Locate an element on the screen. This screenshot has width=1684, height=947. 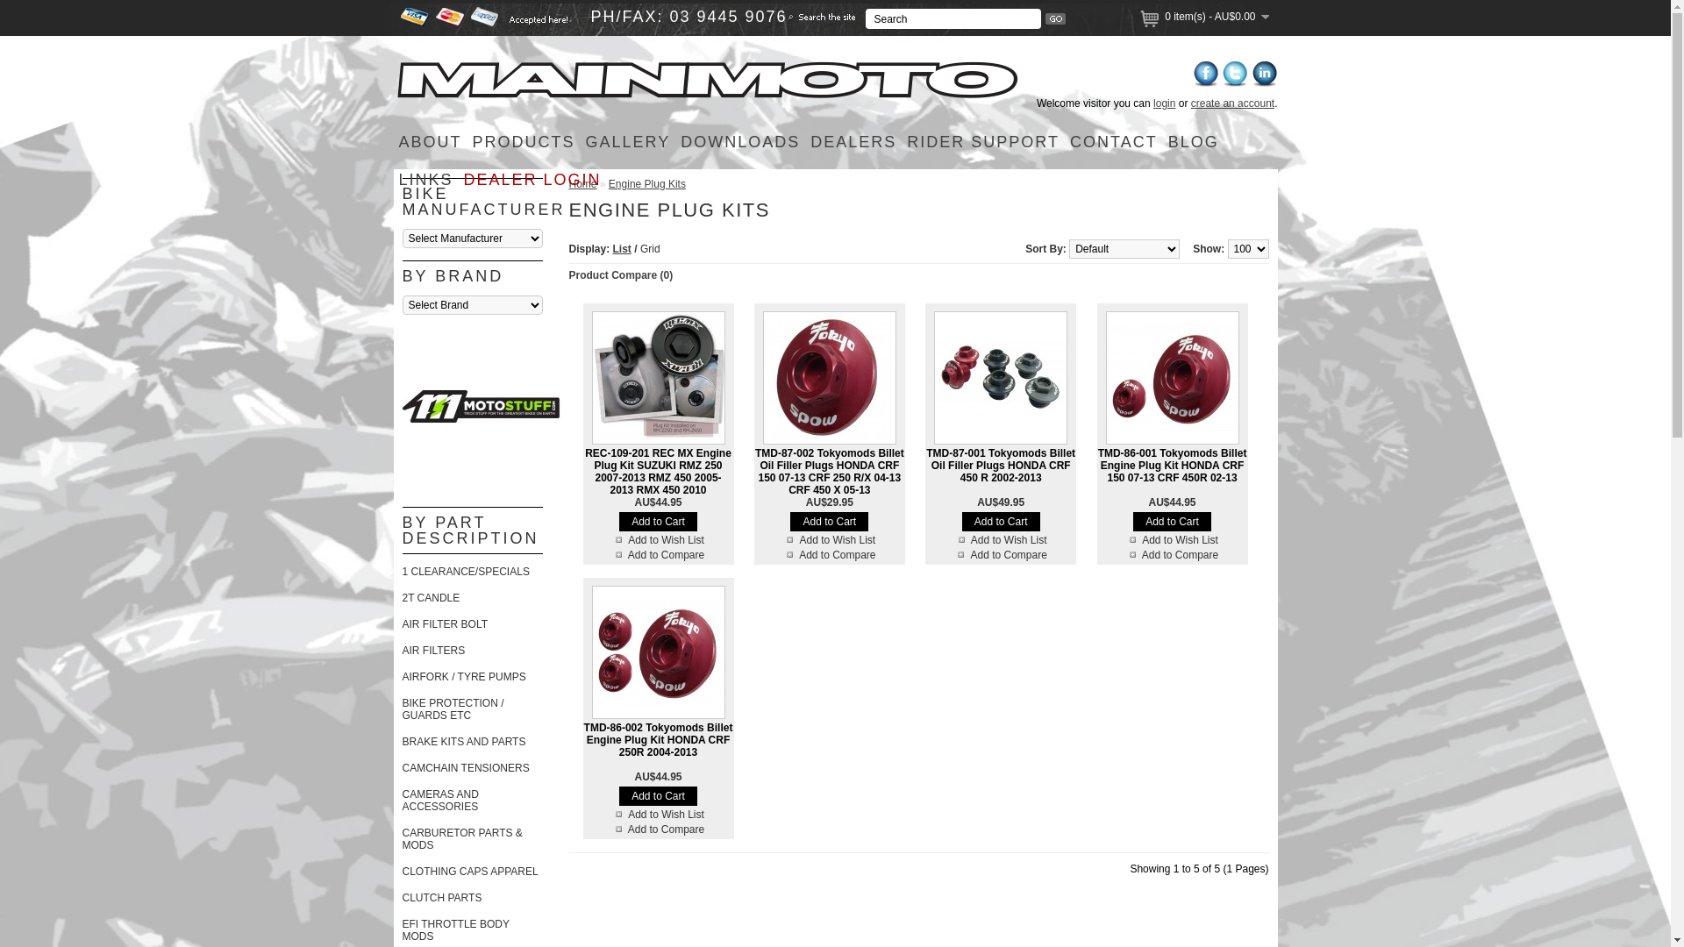
'DEALERS' is located at coordinates (853, 141).